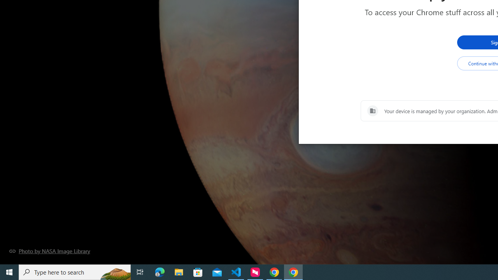 Image resolution: width=498 pixels, height=280 pixels. I want to click on 'Type here to search', so click(75, 271).